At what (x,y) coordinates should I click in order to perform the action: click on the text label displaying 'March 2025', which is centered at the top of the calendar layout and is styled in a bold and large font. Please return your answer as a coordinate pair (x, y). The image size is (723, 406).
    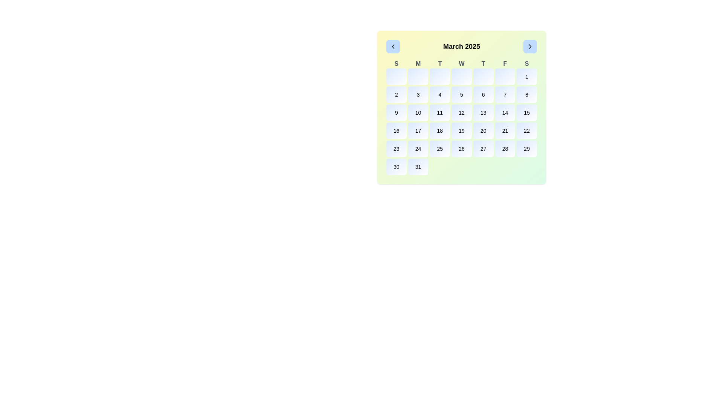
    Looking at the image, I should click on (461, 46).